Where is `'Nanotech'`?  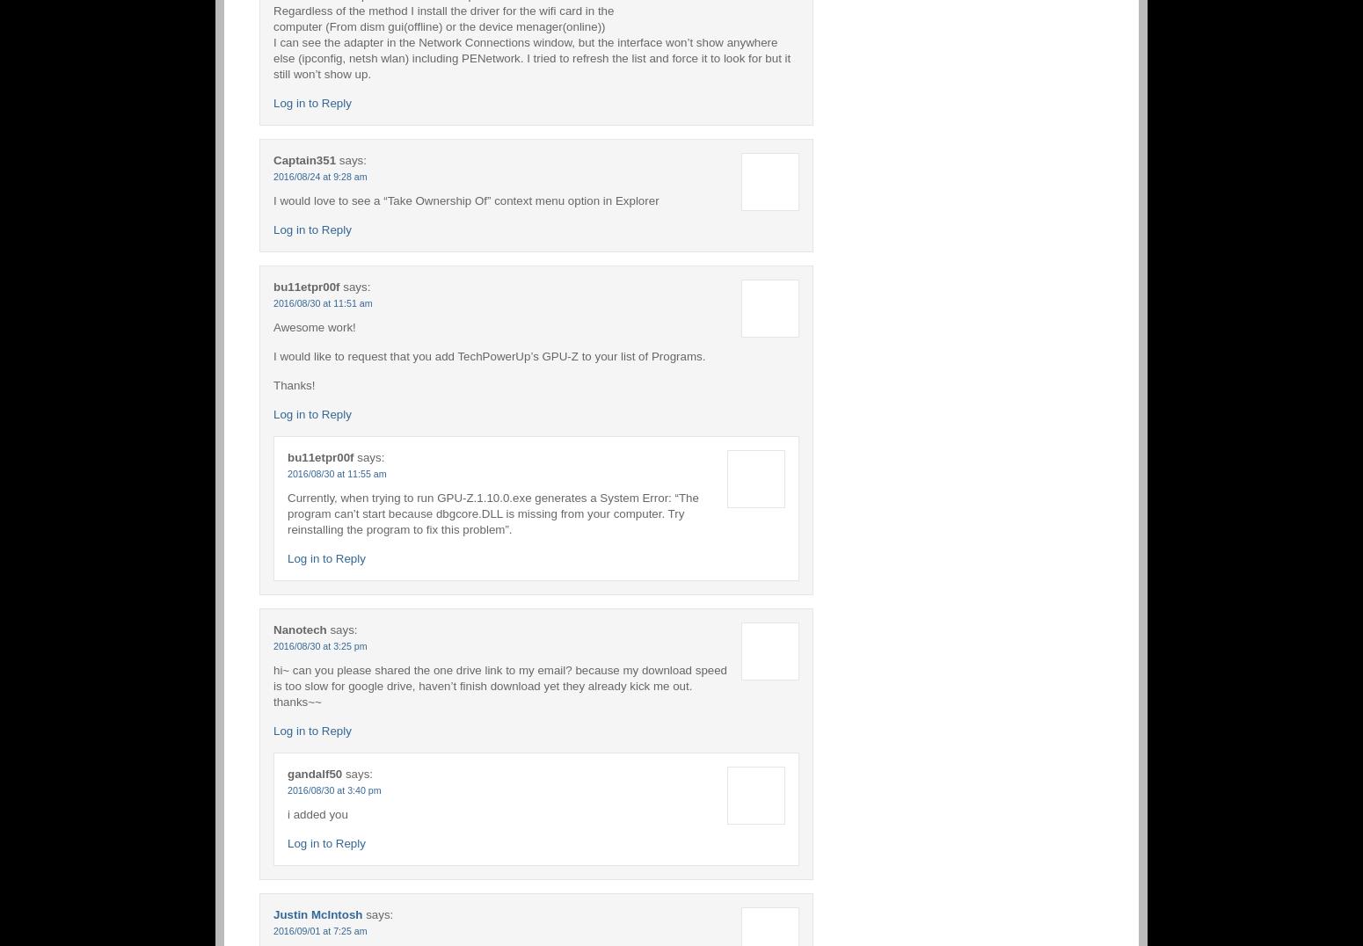 'Nanotech' is located at coordinates (299, 629).